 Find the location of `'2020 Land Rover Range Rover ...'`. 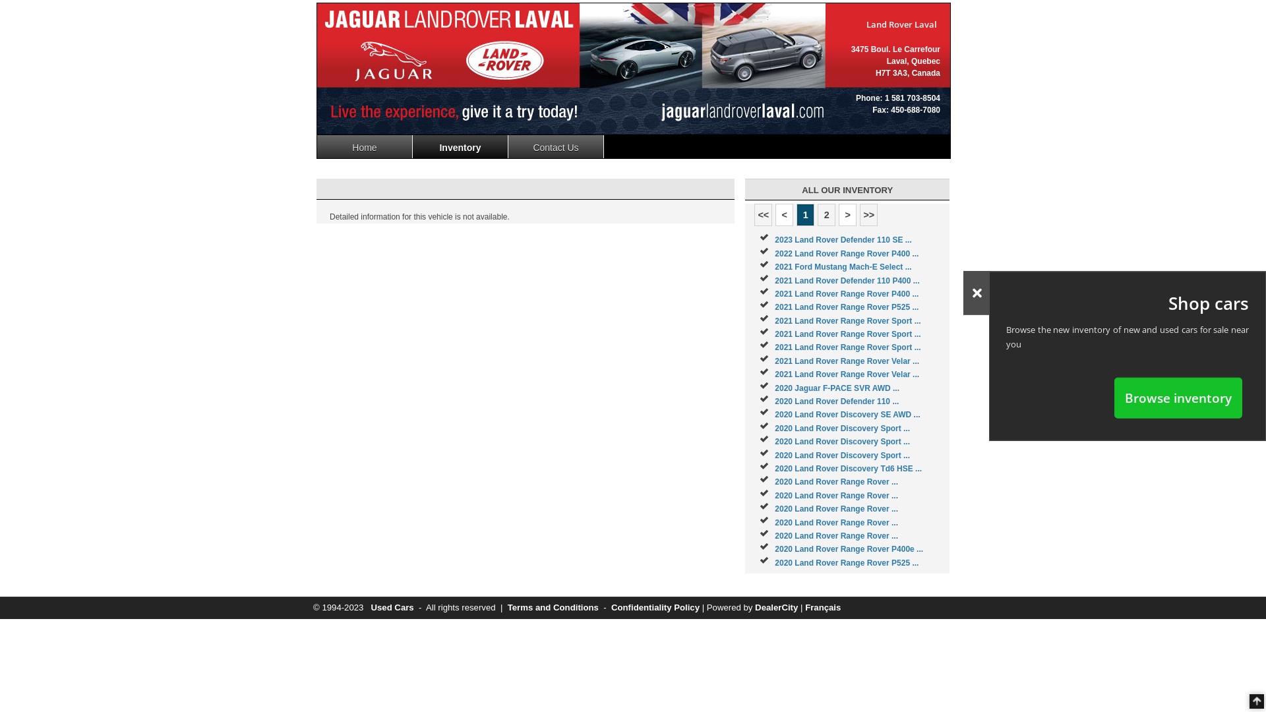

'2020 Land Rover Range Rover ...' is located at coordinates (835, 482).